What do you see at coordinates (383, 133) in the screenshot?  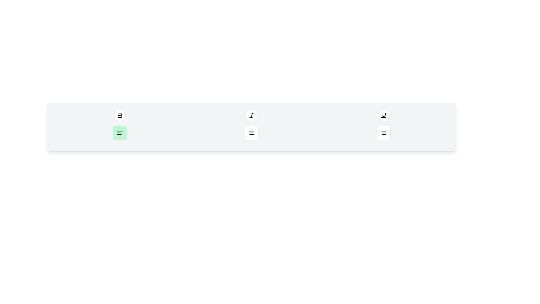 I see `the 'Align Right' button` at bounding box center [383, 133].